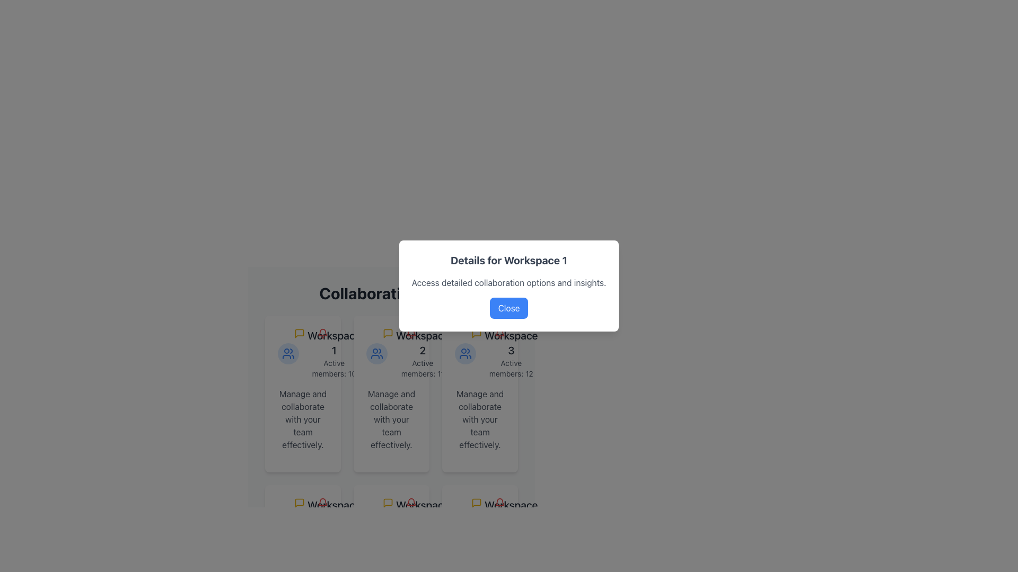  What do you see at coordinates (509, 261) in the screenshot?
I see `text label or heading in the modal dialog that indicates the content subject about workspace details` at bounding box center [509, 261].